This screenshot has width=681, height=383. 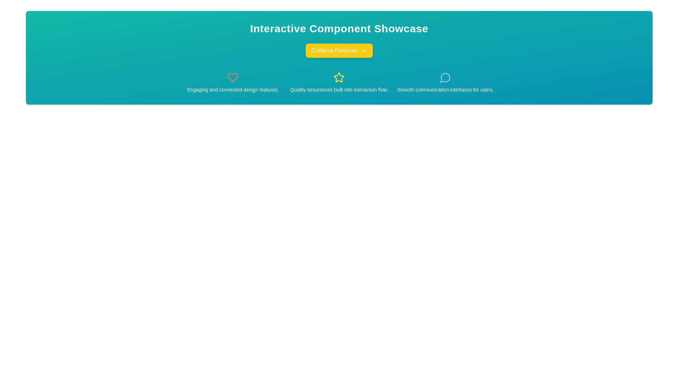 What do you see at coordinates (339, 82) in the screenshot?
I see `displayed text 'Quality assurances built into interaction flow.' from the informative icon with a highlighted yellow star above it, located in the middle of a row of three components` at bounding box center [339, 82].